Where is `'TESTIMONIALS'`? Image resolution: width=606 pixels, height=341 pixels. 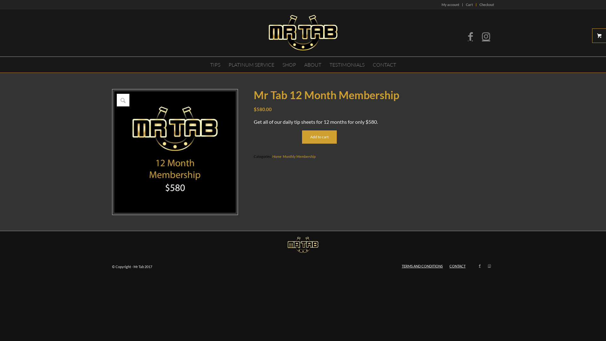 'TESTIMONIALS' is located at coordinates (346, 64).